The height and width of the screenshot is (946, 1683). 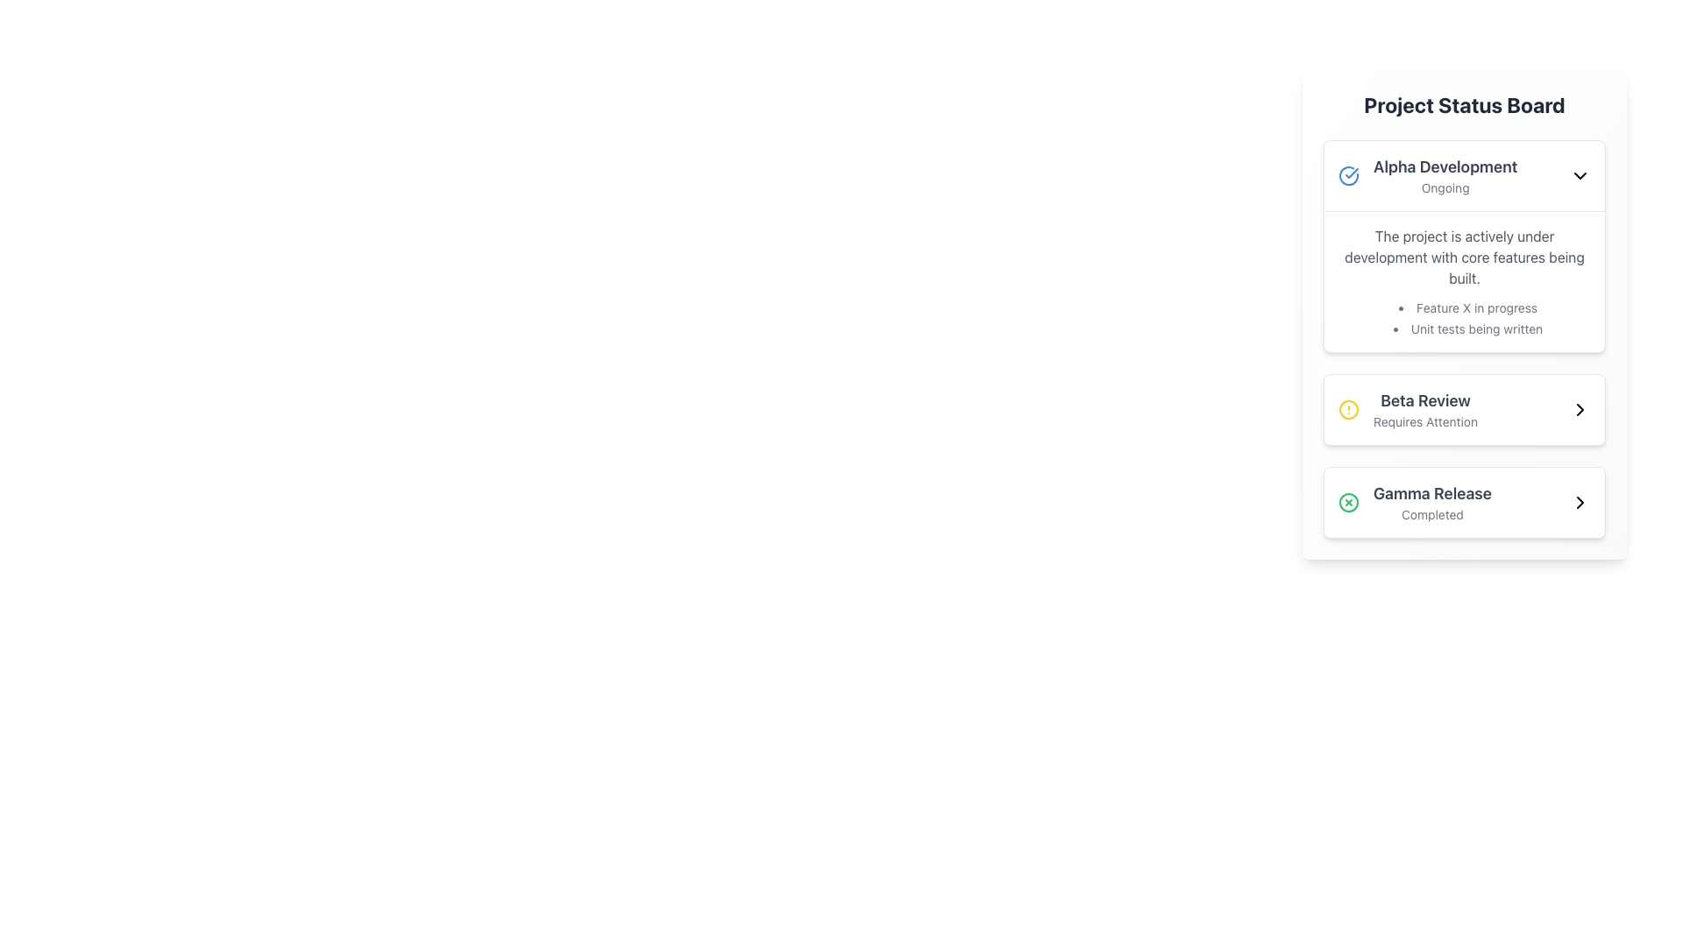 I want to click on status information from the 'Gamma Release' status card component, which is the third item in the vertical sequence on the 'Project Status Board', so click(x=1464, y=503).